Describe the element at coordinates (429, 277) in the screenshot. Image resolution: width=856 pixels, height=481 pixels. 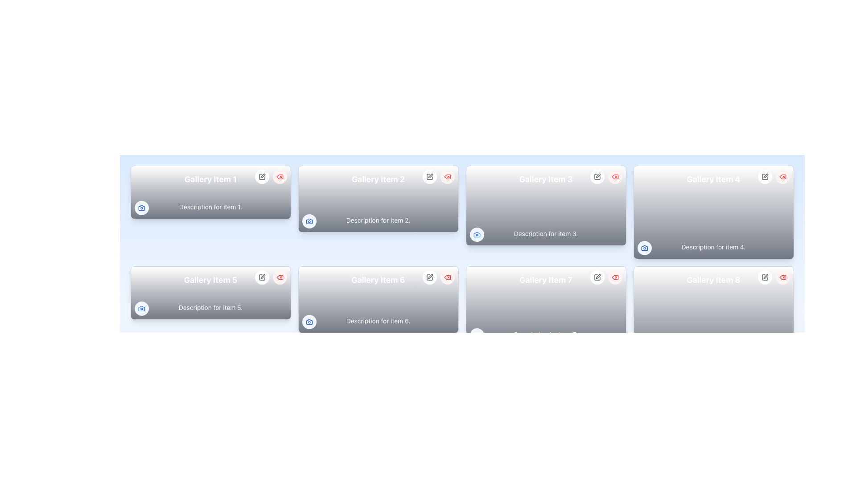
I see `the circular button with a white background and gray pencil icon located at the top-right corner of the 'Gallery Item 6' card to change its appearance` at that location.